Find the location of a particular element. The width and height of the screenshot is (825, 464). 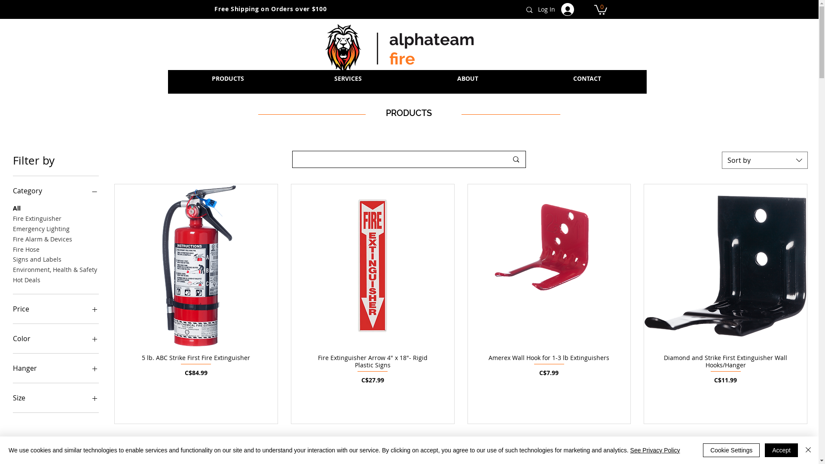

'Sort by' is located at coordinates (765, 160).